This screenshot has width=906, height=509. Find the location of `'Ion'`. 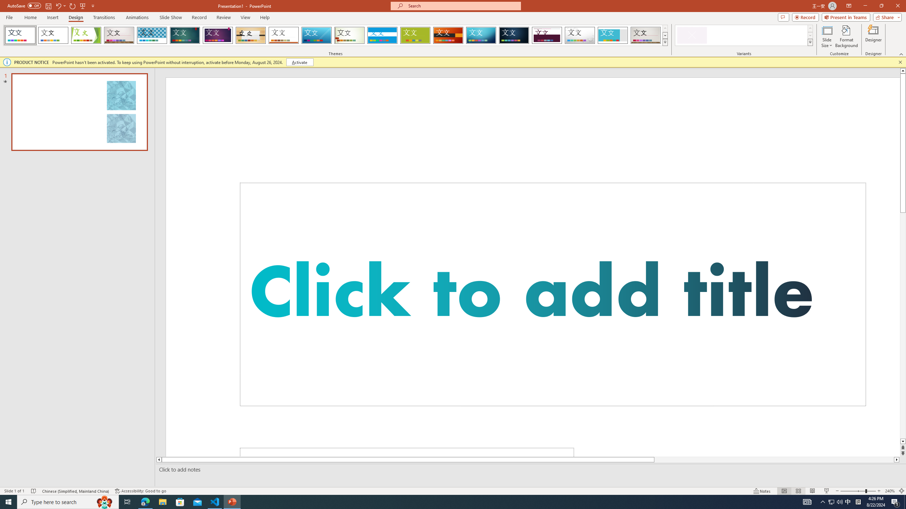

'Ion' is located at coordinates (184, 35).